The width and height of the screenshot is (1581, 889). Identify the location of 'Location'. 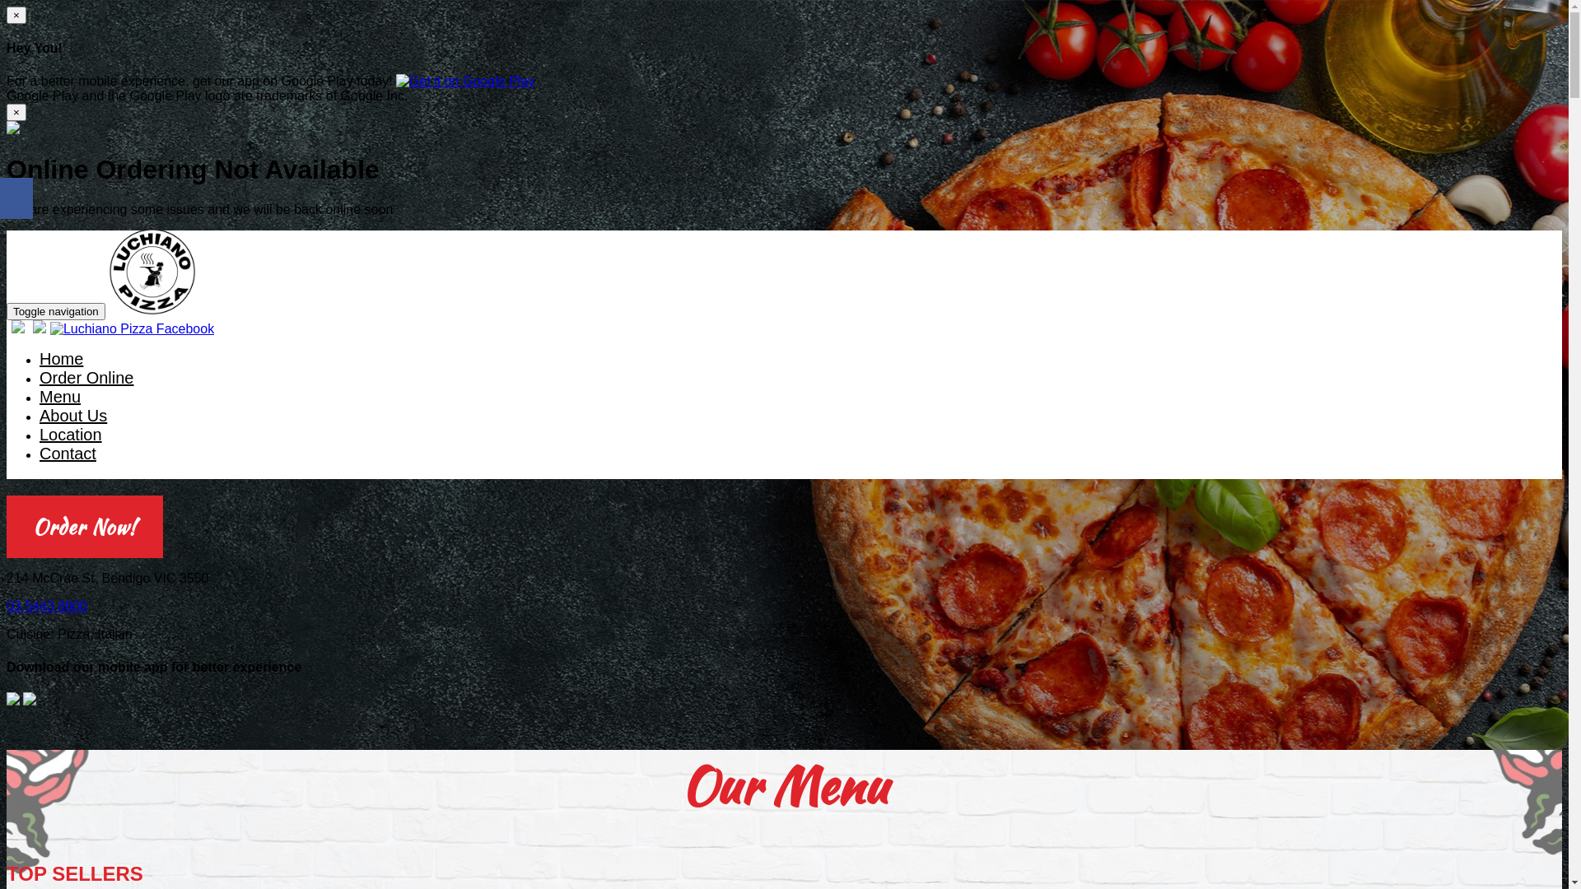
(70, 435).